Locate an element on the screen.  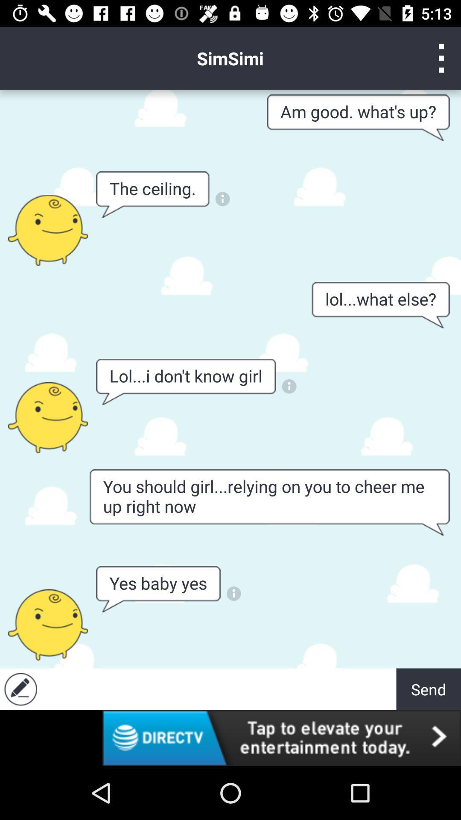
person 's info is located at coordinates (48, 418).